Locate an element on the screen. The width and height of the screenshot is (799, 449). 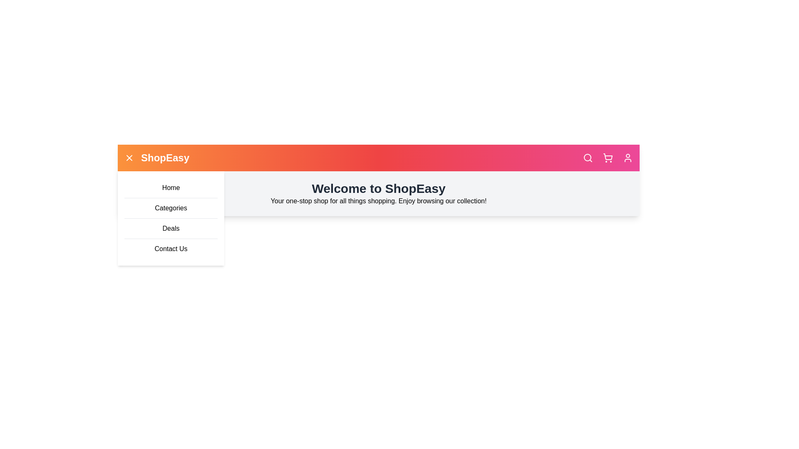
the 'Categories' hyperlink styled as a button located in the vertical menu on the left side of the interface, positioned below the 'Home' button is located at coordinates (171, 207).